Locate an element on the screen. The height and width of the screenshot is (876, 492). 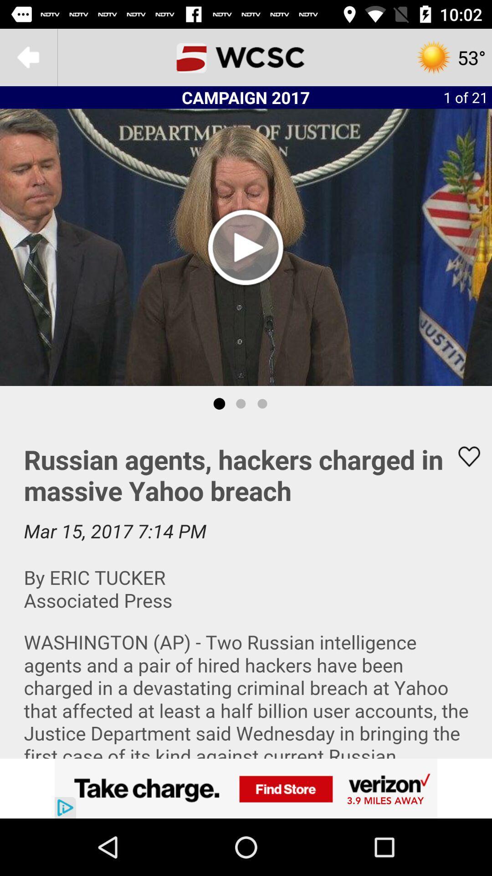
back is located at coordinates (28, 57).